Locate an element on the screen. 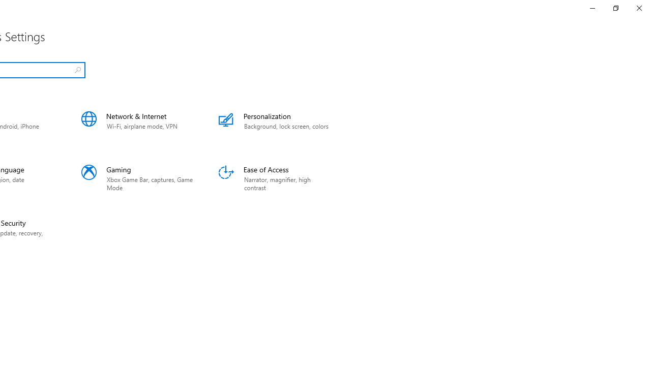 This screenshot has width=651, height=366. 'Network & Internet' is located at coordinates (137, 125).